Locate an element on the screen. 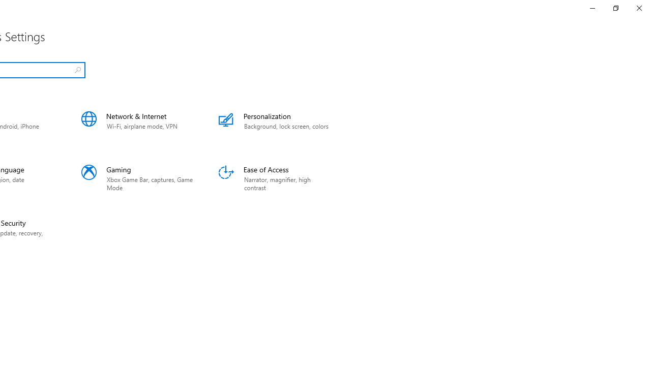 This screenshot has width=651, height=366. 'Network & Internet' is located at coordinates (137, 125).